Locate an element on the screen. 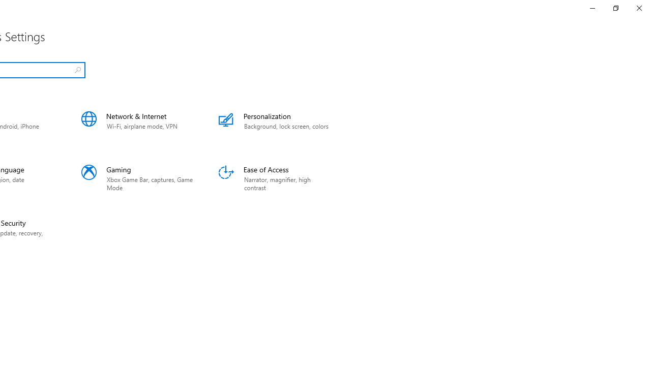 This screenshot has width=651, height=366. 'Network & Internet' is located at coordinates (137, 125).